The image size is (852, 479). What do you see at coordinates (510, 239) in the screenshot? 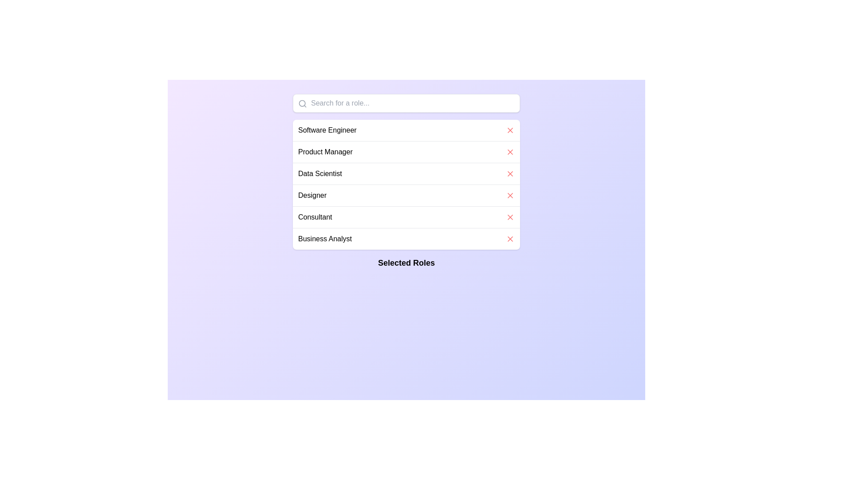
I see `the close icon button located at the far-right side of the 'Business Analyst' item in the list` at bounding box center [510, 239].